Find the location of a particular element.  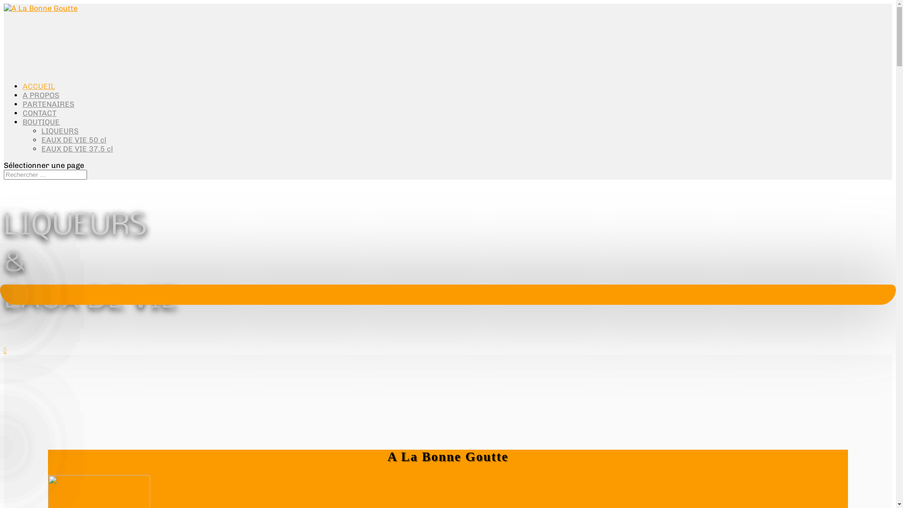

'EAUX DE VIE 37.5 cl' is located at coordinates (77, 148).